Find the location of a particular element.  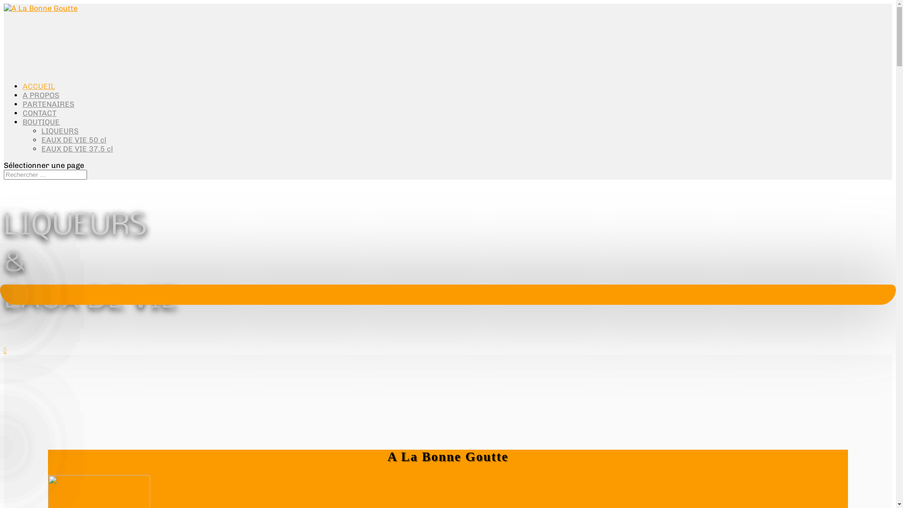

'EAUX DE VIE 37.5 cl' is located at coordinates (77, 148).